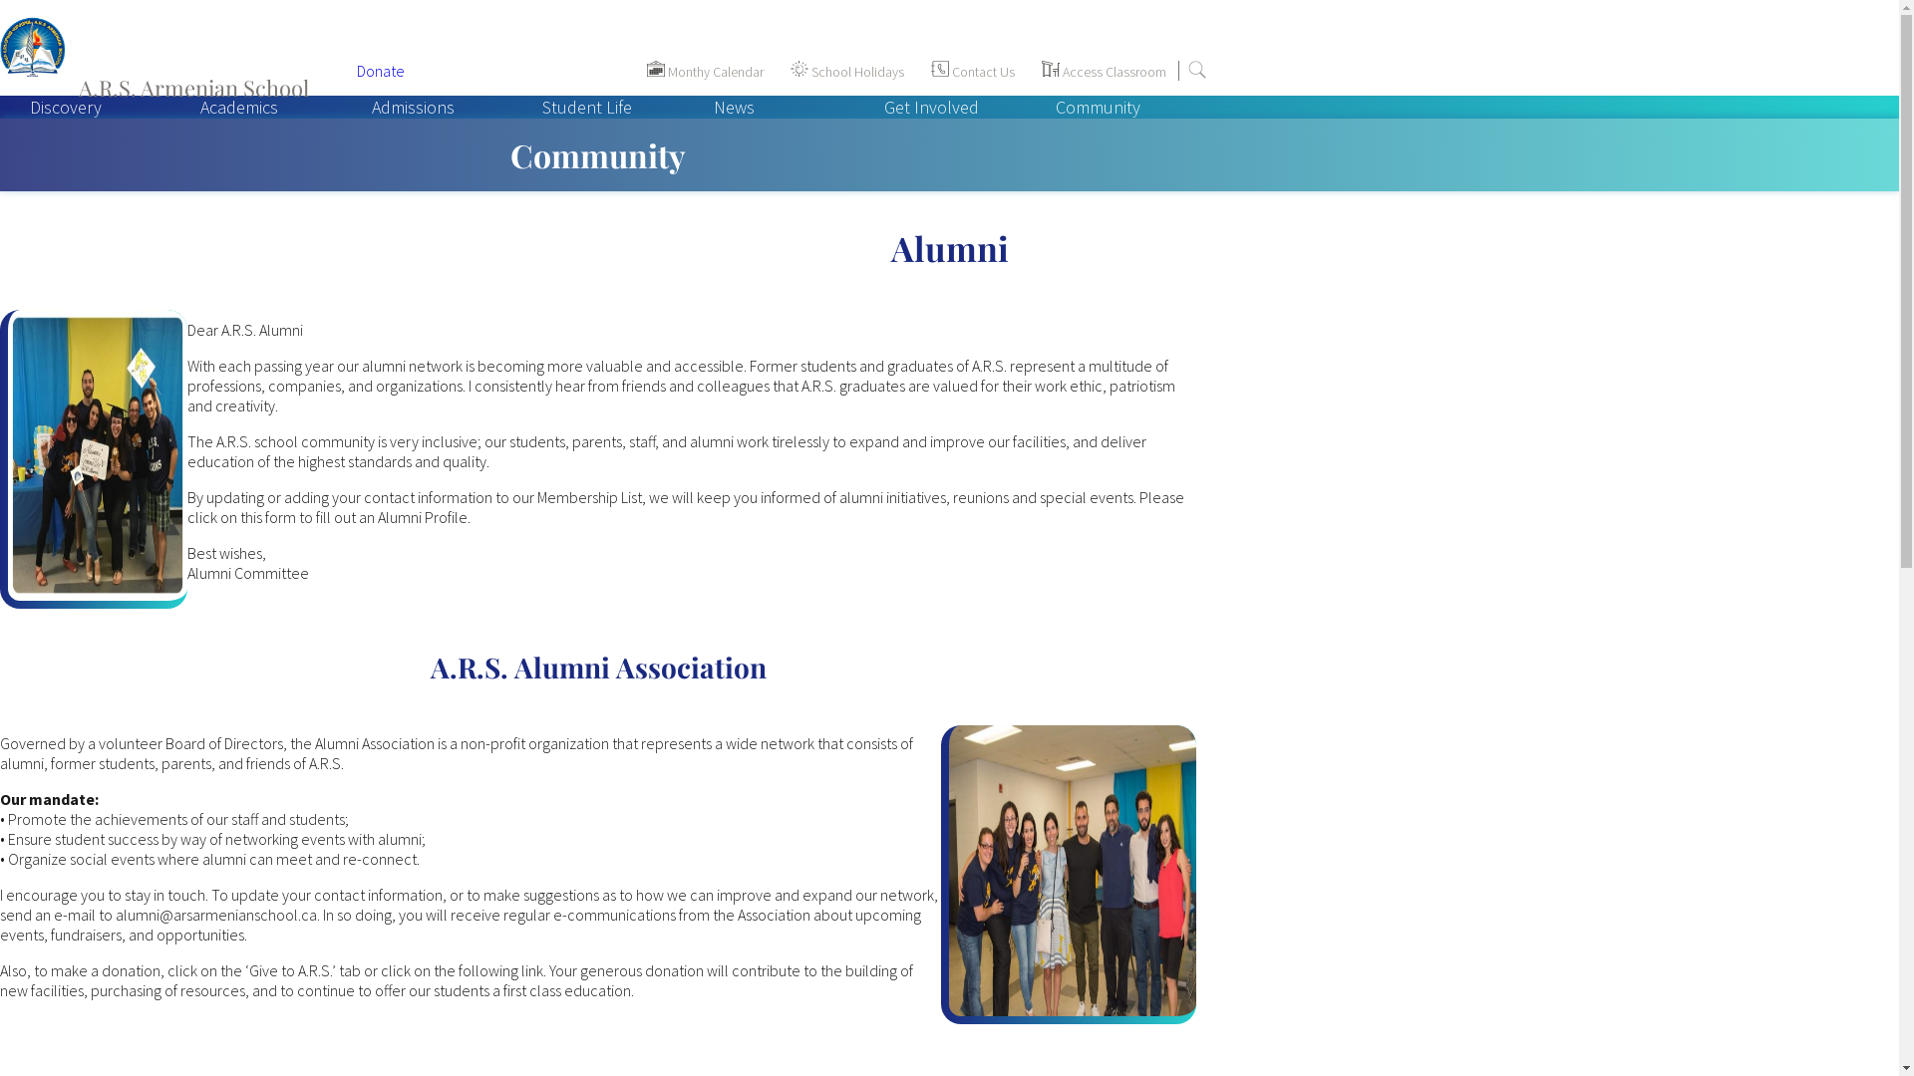 The height and width of the screenshot is (1076, 1914). What do you see at coordinates (1097, 107) in the screenshot?
I see `'Community'` at bounding box center [1097, 107].